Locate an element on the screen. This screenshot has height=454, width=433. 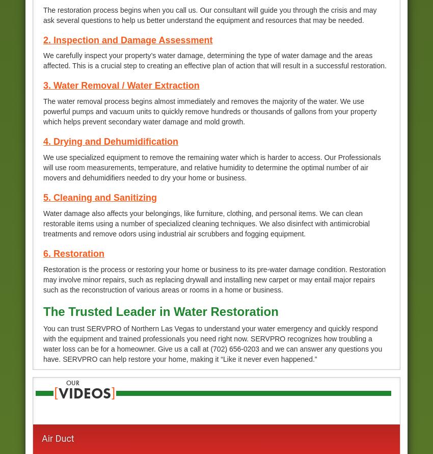
'2. Inspection and Damage Assessment' is located at coordinates (128, 39).